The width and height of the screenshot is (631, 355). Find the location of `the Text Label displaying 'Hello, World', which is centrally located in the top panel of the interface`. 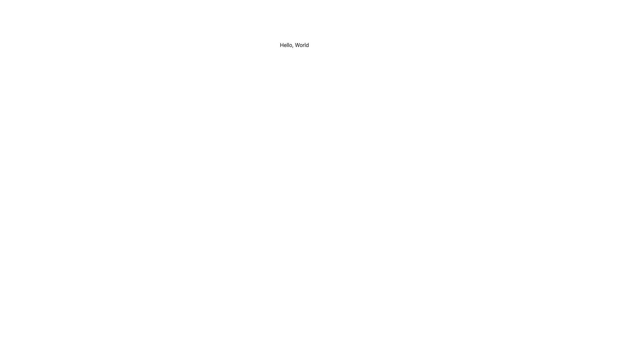

the Text Label displaying 'Hello, World', which is centrally located in the top panel of the interface is located at coordinates (294, 46).